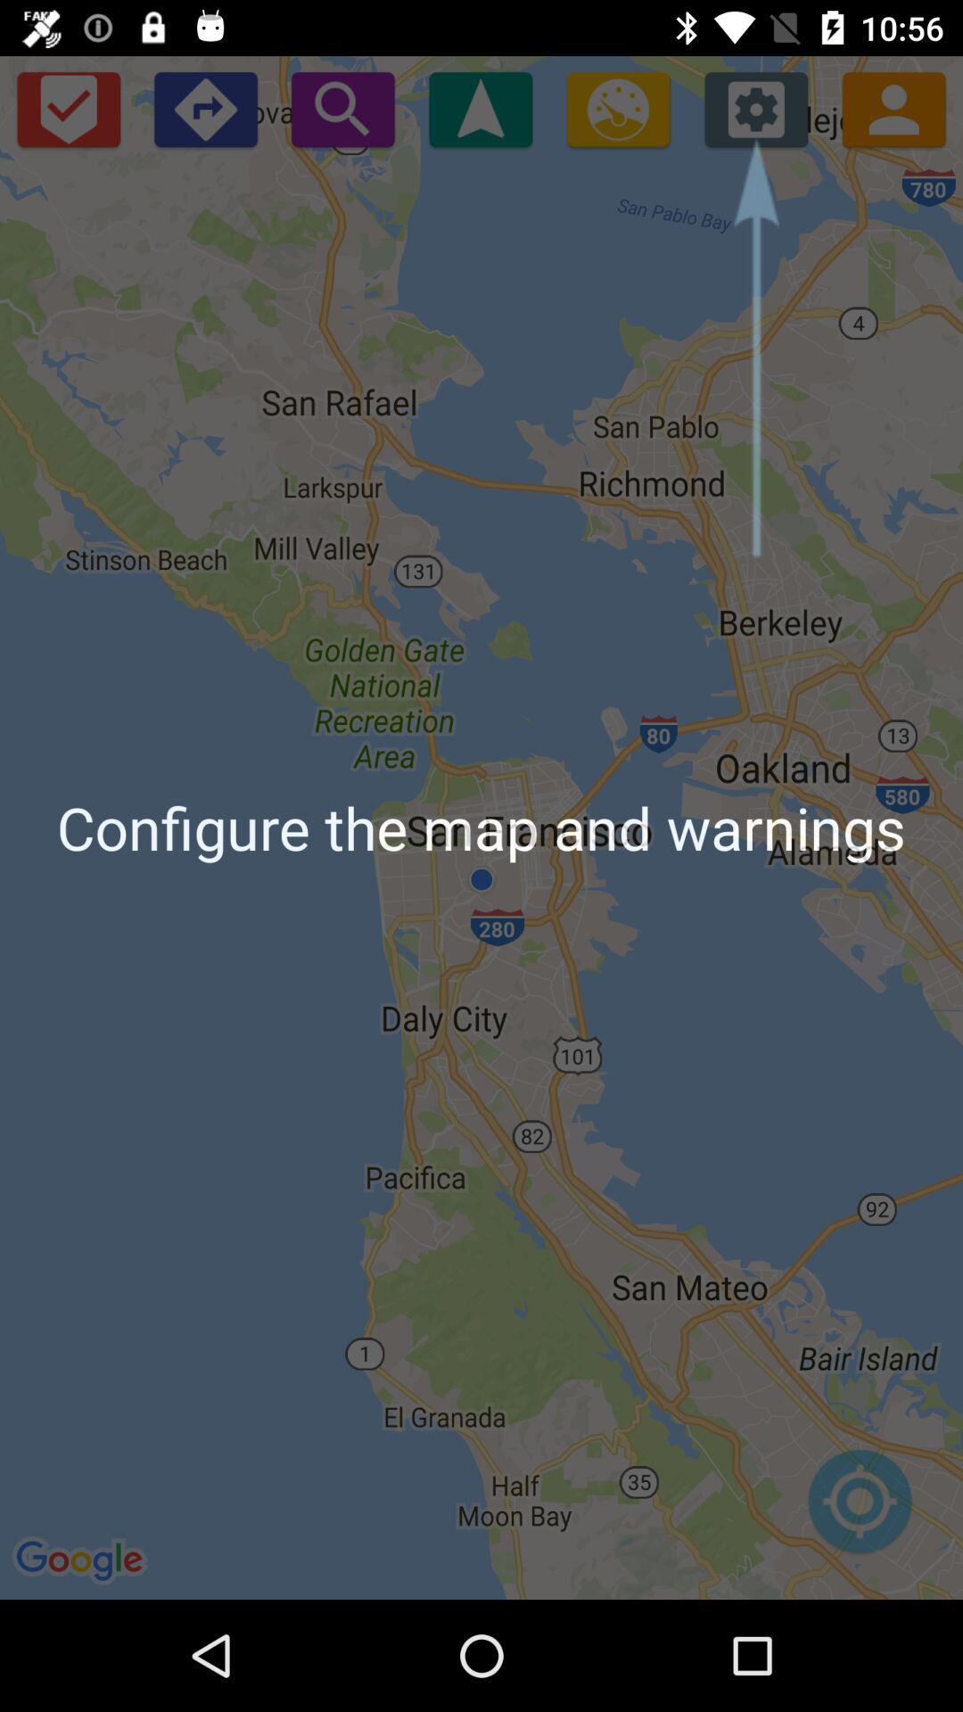  What do you see at coordinates (893, 108) in the screenshot?
I see `the avatar icon` at bounding box center [893, 108].